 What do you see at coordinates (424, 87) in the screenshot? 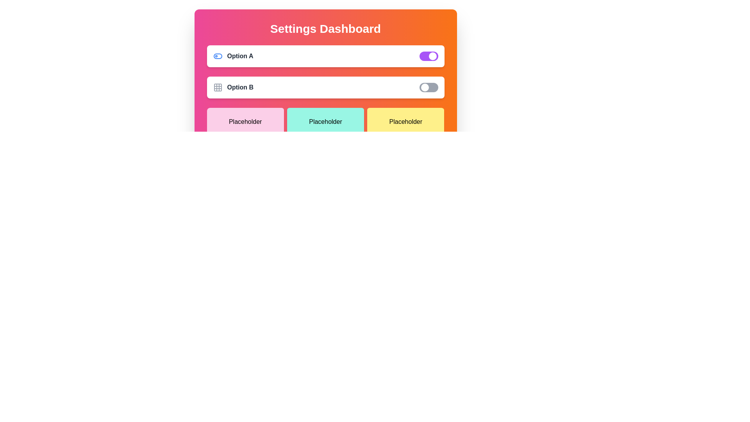
I see `the toggle handle, which is a small circular button with a white background located on the left side of the toggle switch component in the second row labeled 'Option B'` at bounding box center [424, 87].